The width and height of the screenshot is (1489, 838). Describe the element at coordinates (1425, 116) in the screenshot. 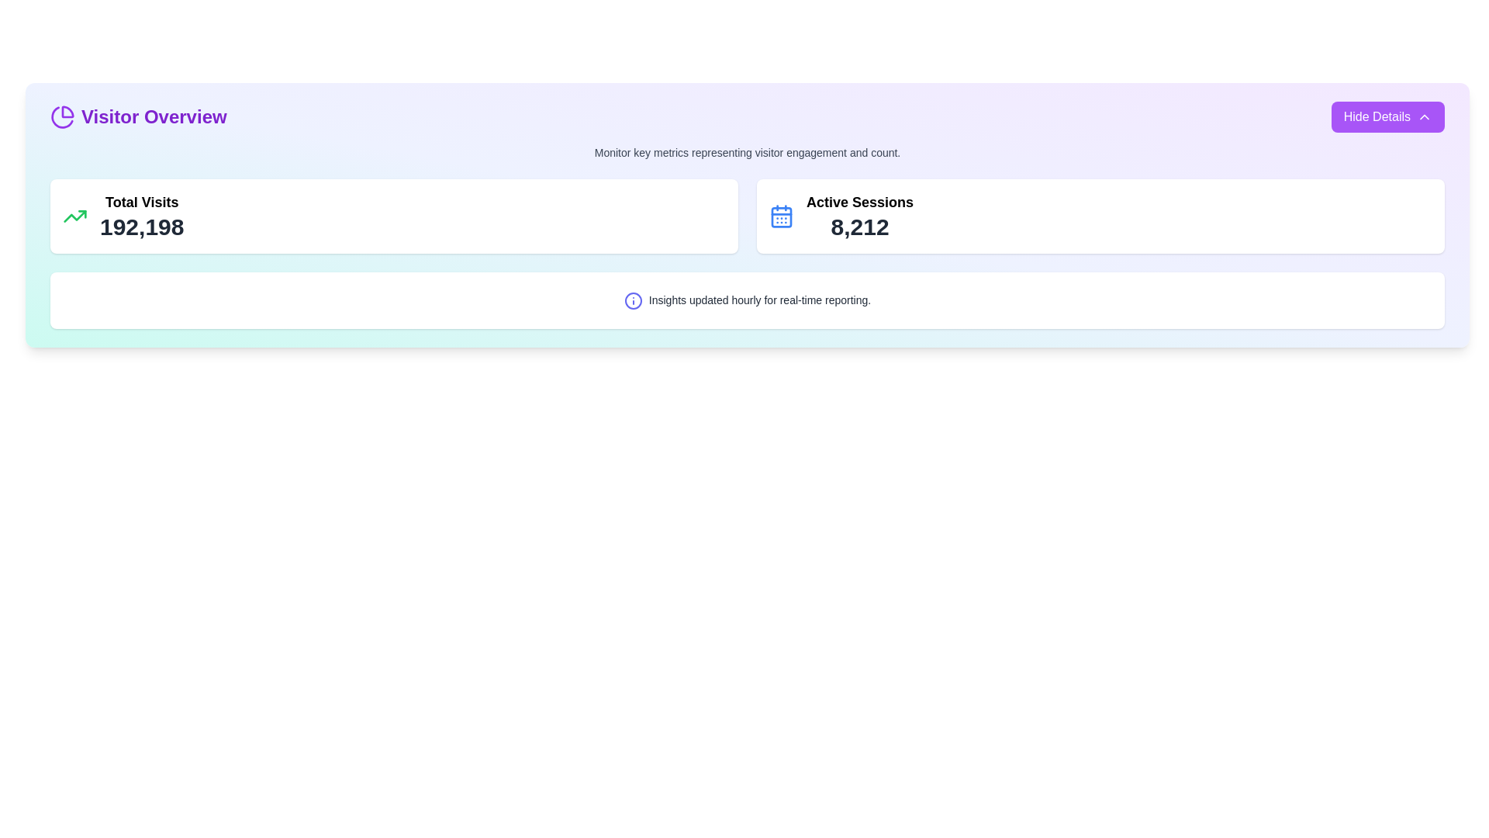

I see `the collapsible chevron icon (Chevron-up) adjacent to the 'Hide Details' text within the purple button` at that location.